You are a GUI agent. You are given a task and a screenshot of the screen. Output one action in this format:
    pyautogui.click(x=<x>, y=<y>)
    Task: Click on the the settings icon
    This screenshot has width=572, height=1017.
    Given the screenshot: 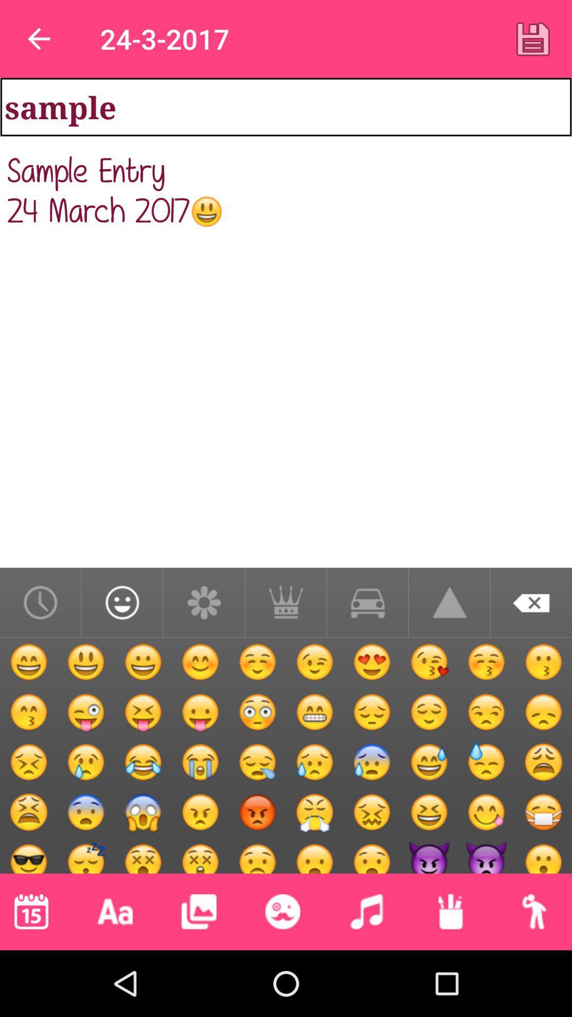 What is the action you would take?
    pyautogui.click(x=204, y=602)
    